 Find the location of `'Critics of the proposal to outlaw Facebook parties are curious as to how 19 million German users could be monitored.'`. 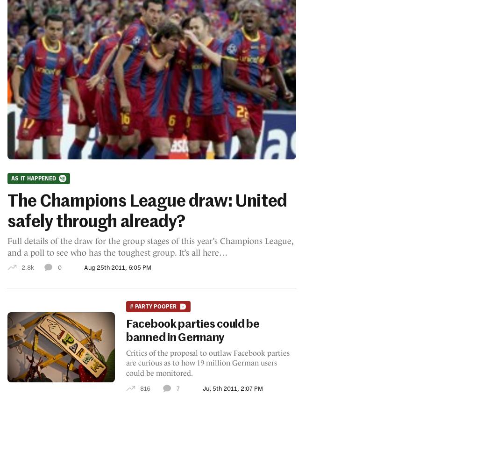

'Critics of the proposal to outlaw Facebook parties are curious as to how 19 million German users could be monitored.' is located at coordinates (125, 362).